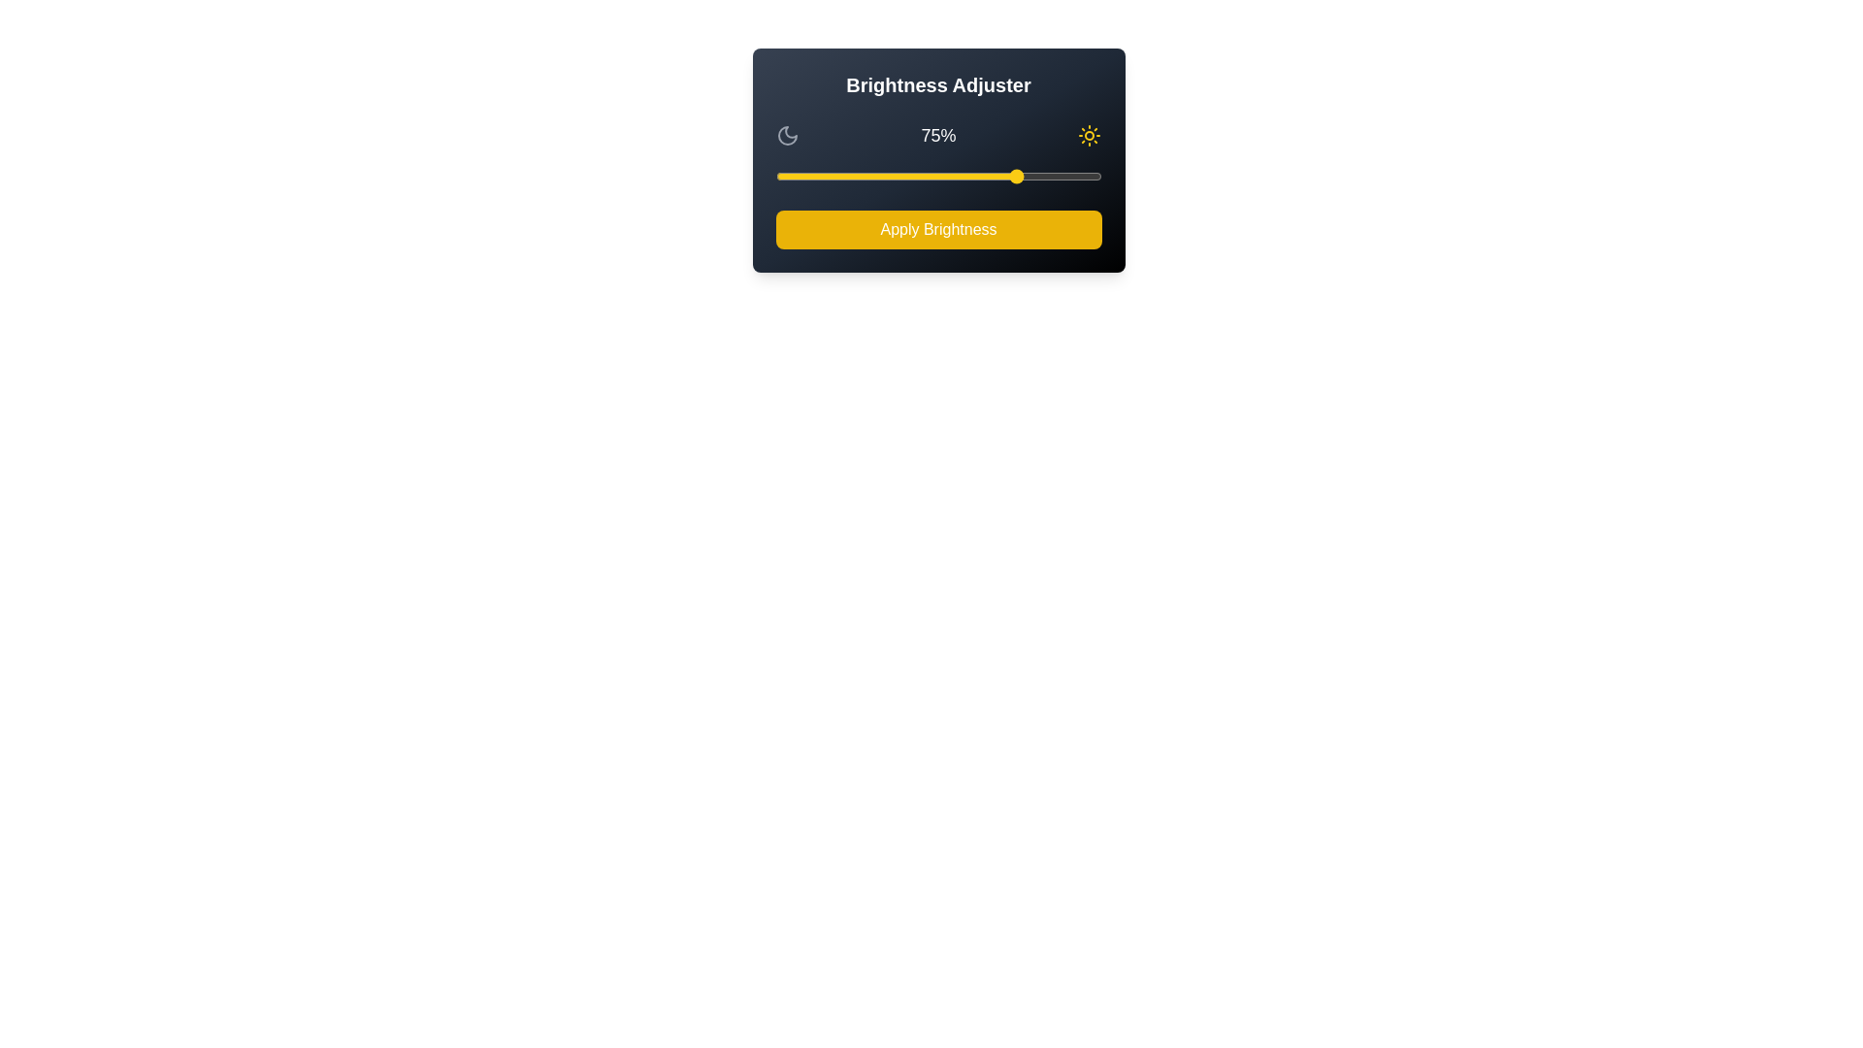 This screenshot has width=1863, height=1048. Describe the element at coordinates (1090, 134) in the screenshot. I see `the Sun icon to interact with it` at that location.